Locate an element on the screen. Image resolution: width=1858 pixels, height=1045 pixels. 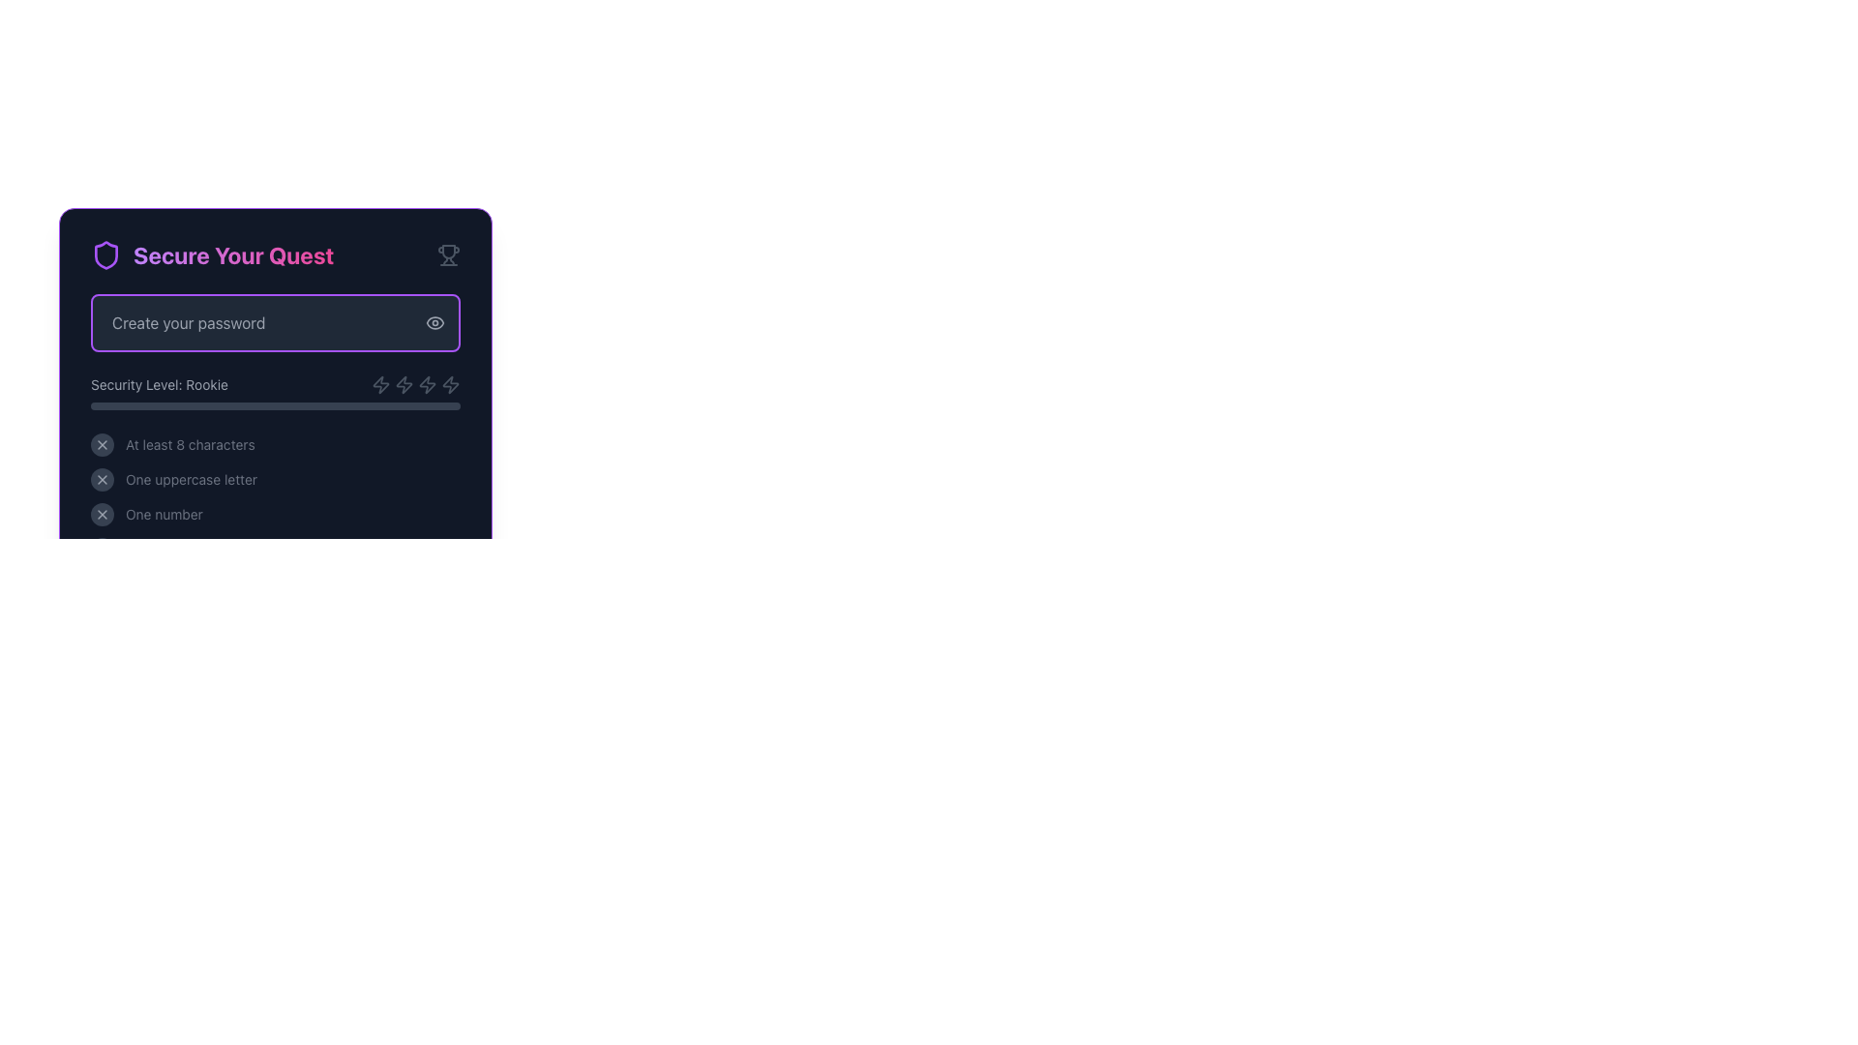
the Progress bar with a dark gray background and a gradient fill from purple to pink, located below the 'Security Level: Rookie' label is located at coordinates (274, 405).